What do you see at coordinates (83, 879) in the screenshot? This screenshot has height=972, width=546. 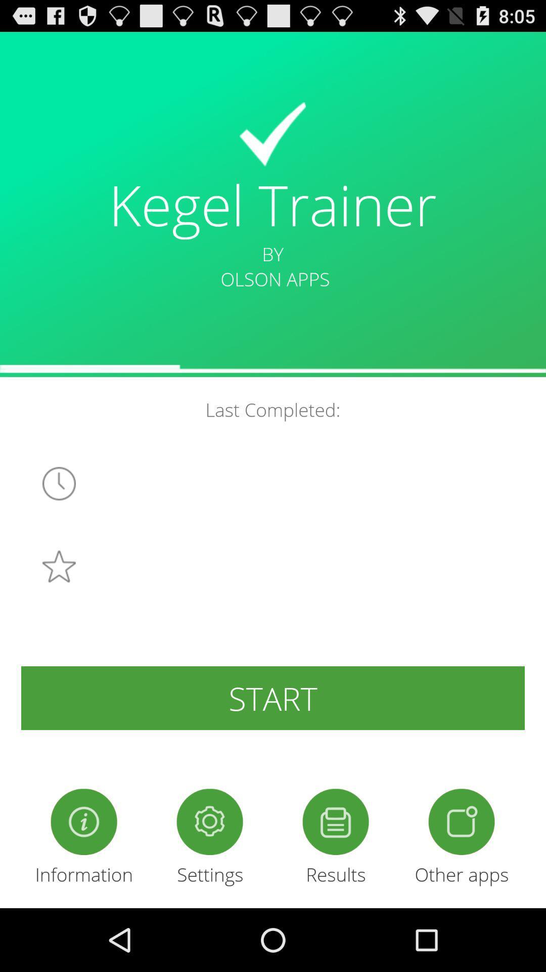 I see `the info icon` at bounding box center [83, 879].